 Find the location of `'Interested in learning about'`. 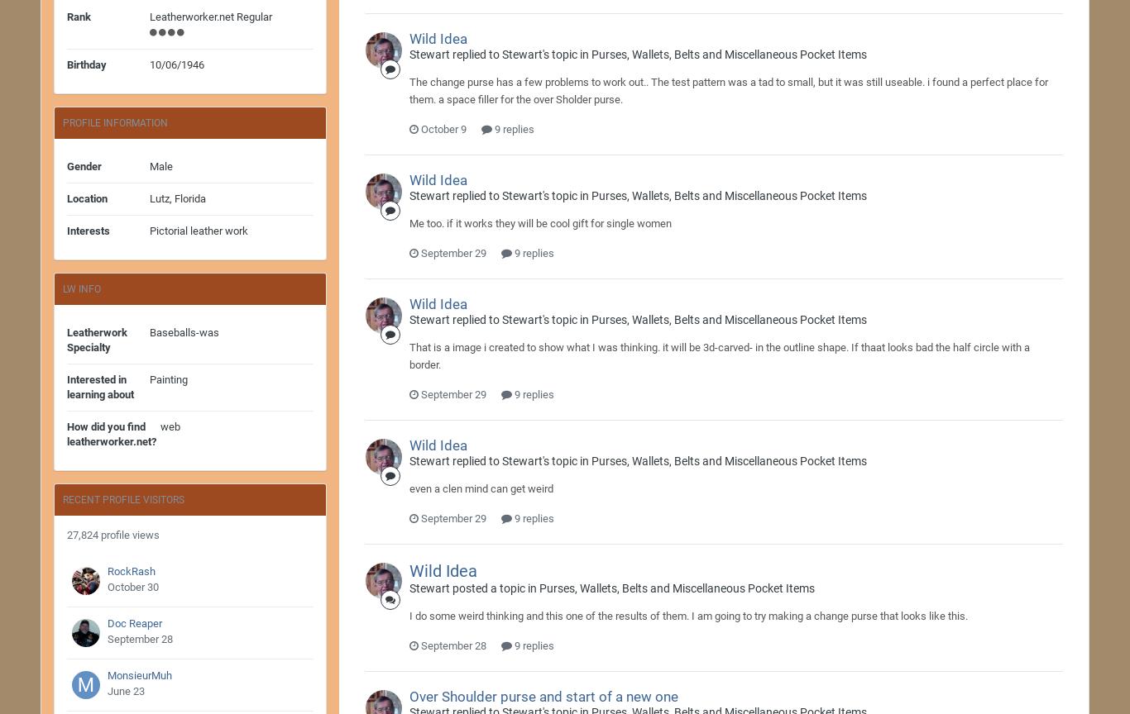

'Interested in learning about' is located at coordinates (67, 387).